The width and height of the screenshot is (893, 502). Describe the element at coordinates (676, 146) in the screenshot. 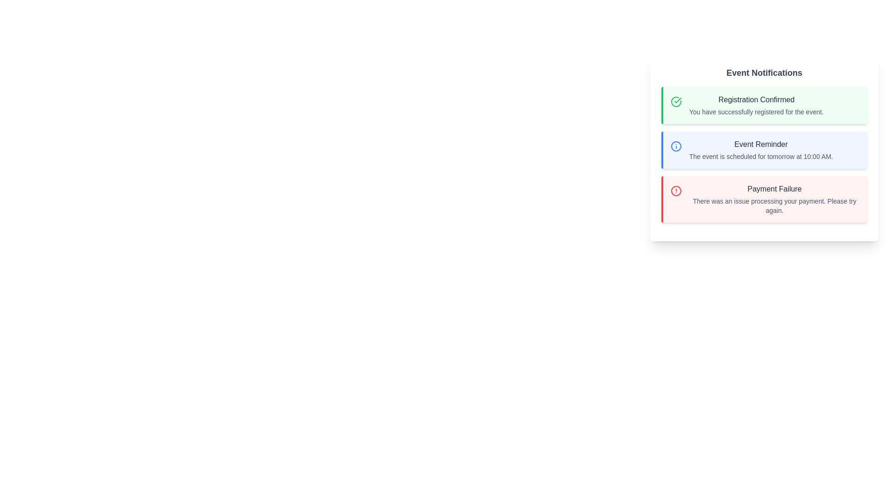

I see `the circular icon of the 'Event Reminder' card, which is visually identifiable by its blue background and descriptive text, located in the second card of the notification list` at that location.